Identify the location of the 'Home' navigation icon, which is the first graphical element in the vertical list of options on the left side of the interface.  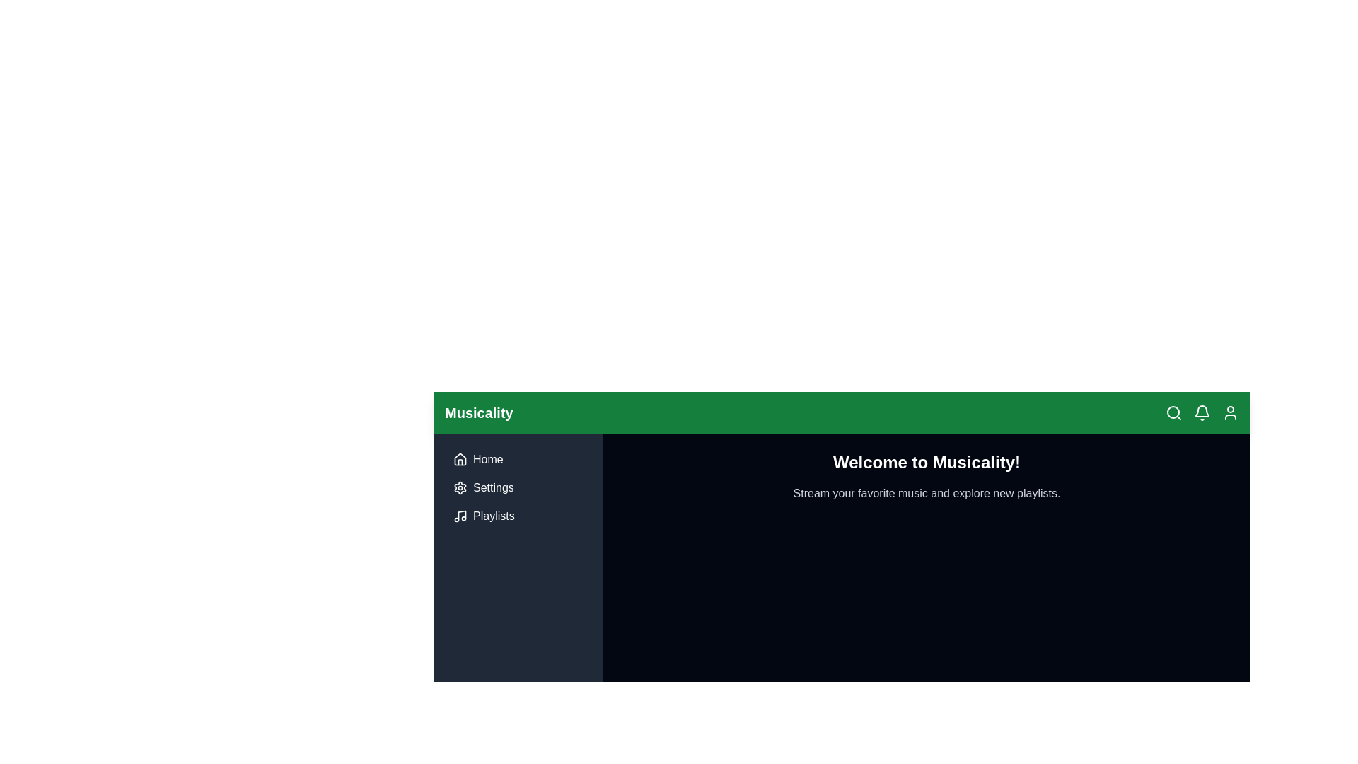
(460, 460).